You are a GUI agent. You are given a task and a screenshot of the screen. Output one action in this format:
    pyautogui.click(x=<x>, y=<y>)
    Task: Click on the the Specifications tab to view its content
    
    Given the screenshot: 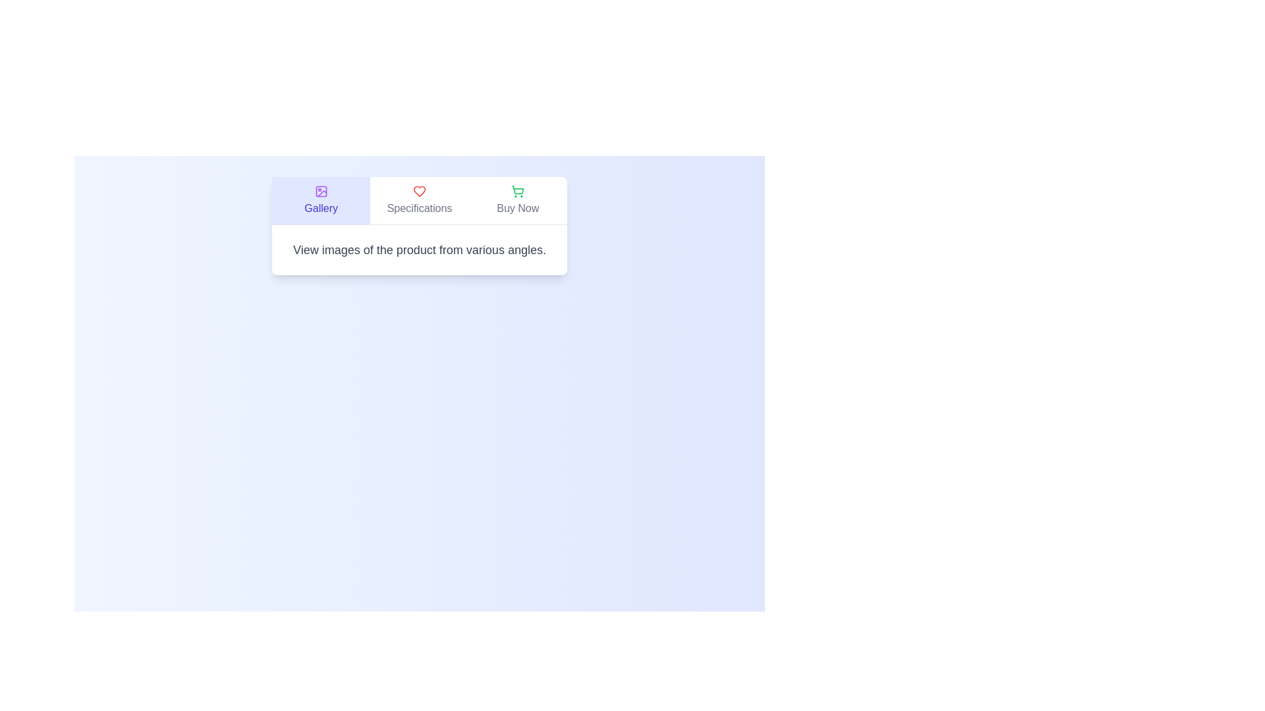 What is the action you would take?
    pyautogui.click(x=419, y=200)
    